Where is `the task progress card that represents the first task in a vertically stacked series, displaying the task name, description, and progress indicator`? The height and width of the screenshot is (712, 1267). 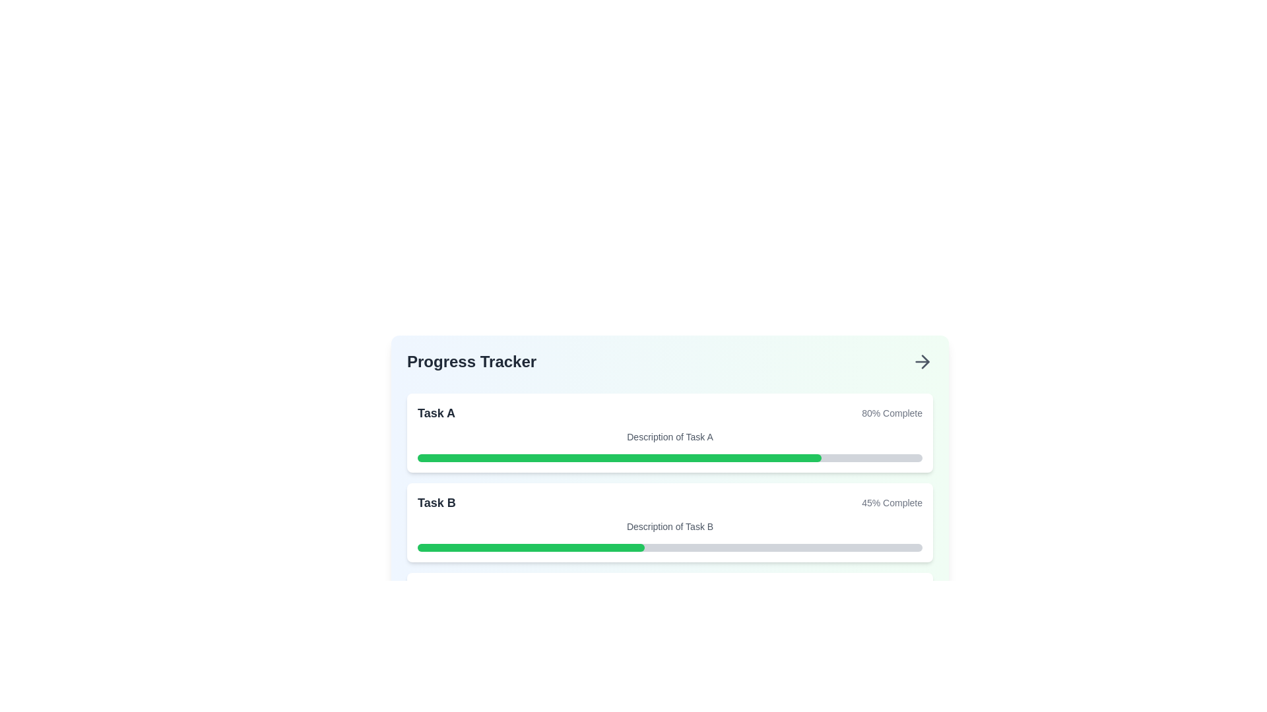 the task progress card that represents the first task in a vertically stacked series, displaying the task name, description, and progress indicator is located at coordinates (670, 432).